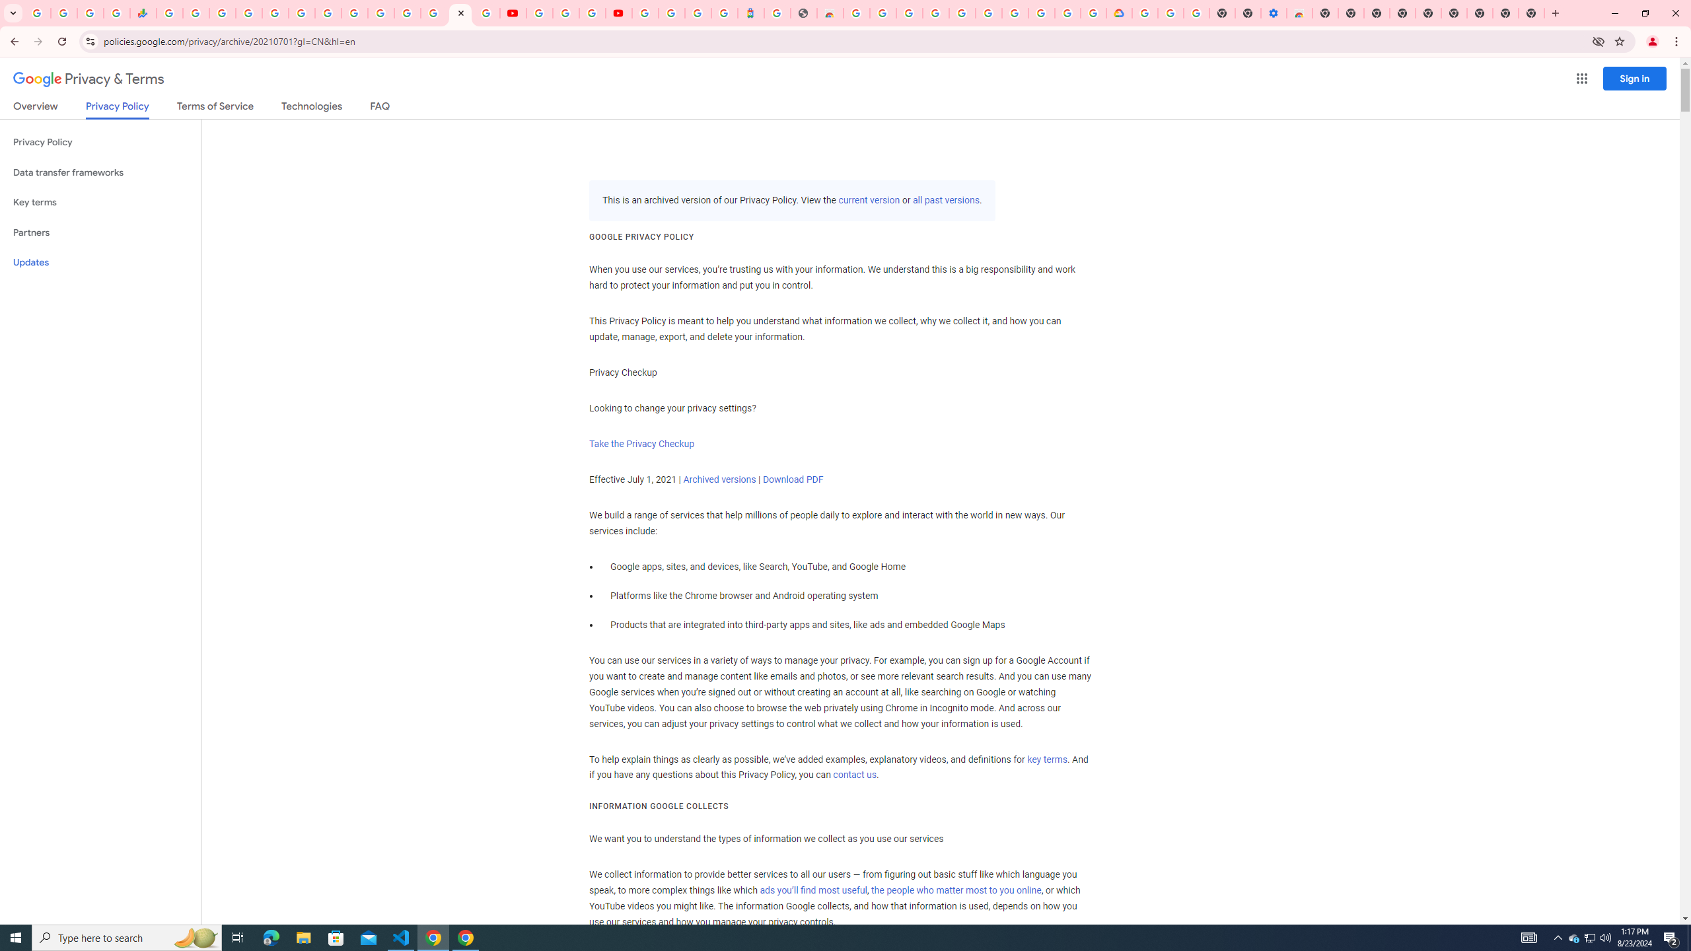 This screenshot has height=951, width=1691. I want to click on 'YouTube', so click(538, 13).